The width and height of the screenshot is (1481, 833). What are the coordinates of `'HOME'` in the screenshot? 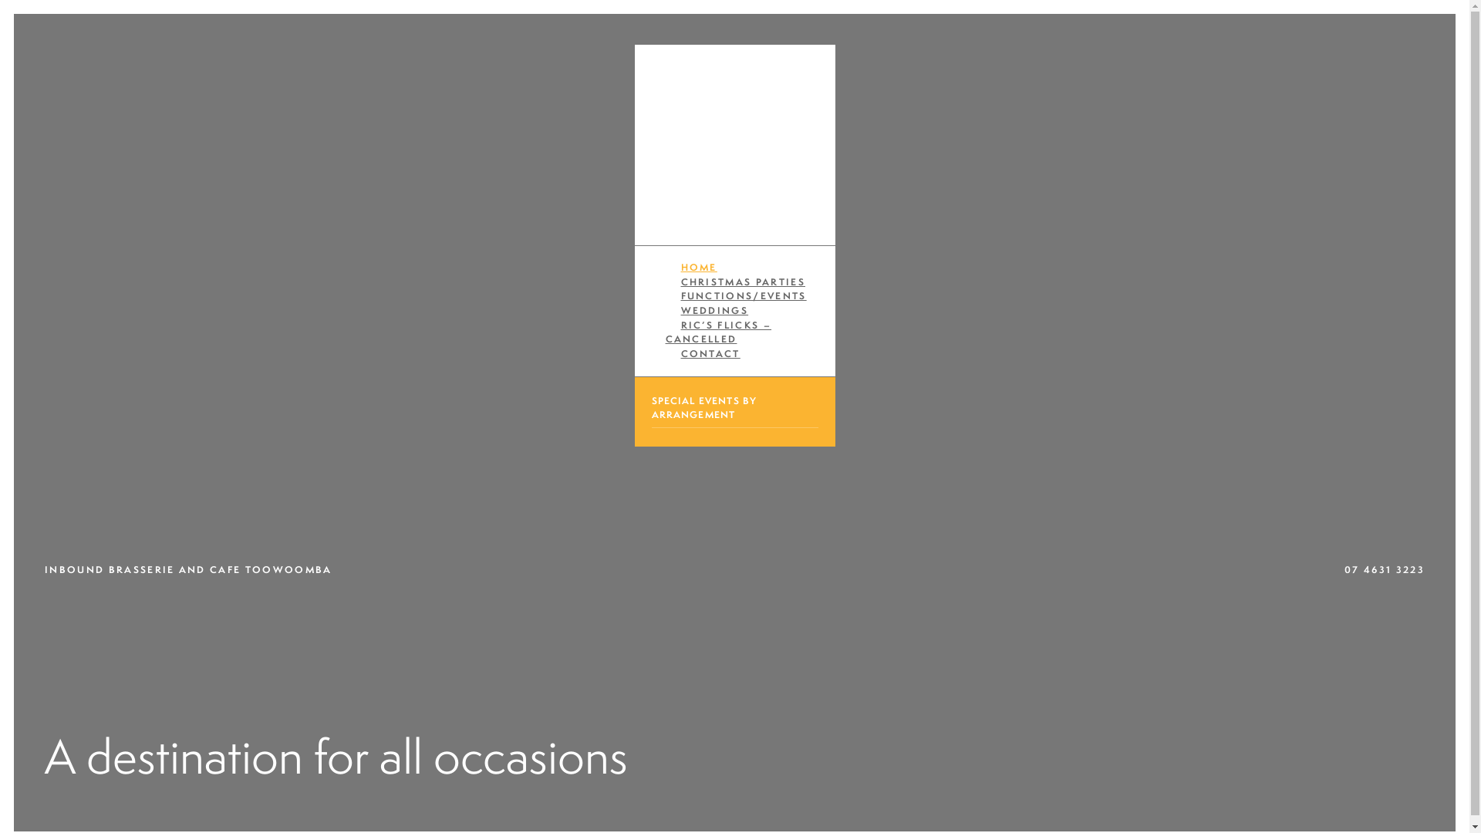 It's located at (697, 266).